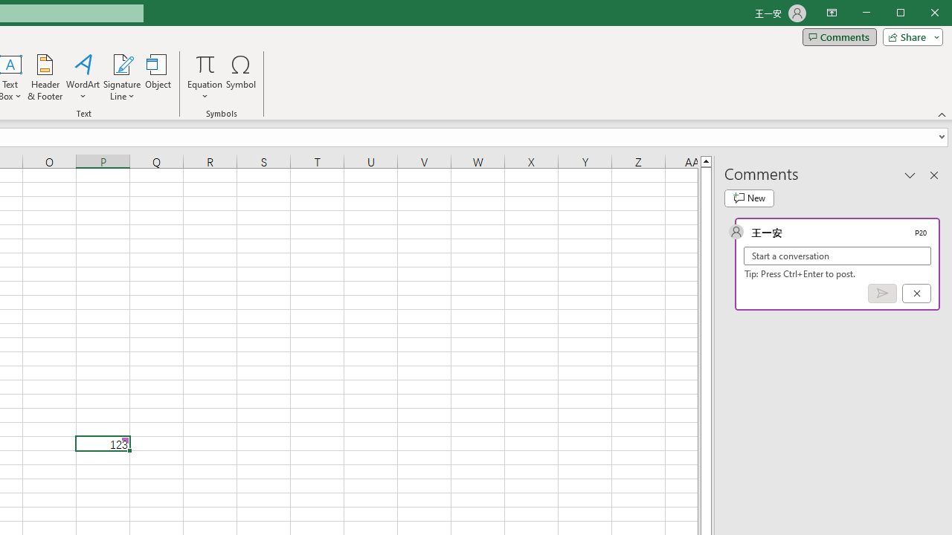 This screenshot has height=535, width=952. What do you see at coordinates (933, 174) in the screenshot?
I see `'Close pane'` at bounding box center [933, 174].